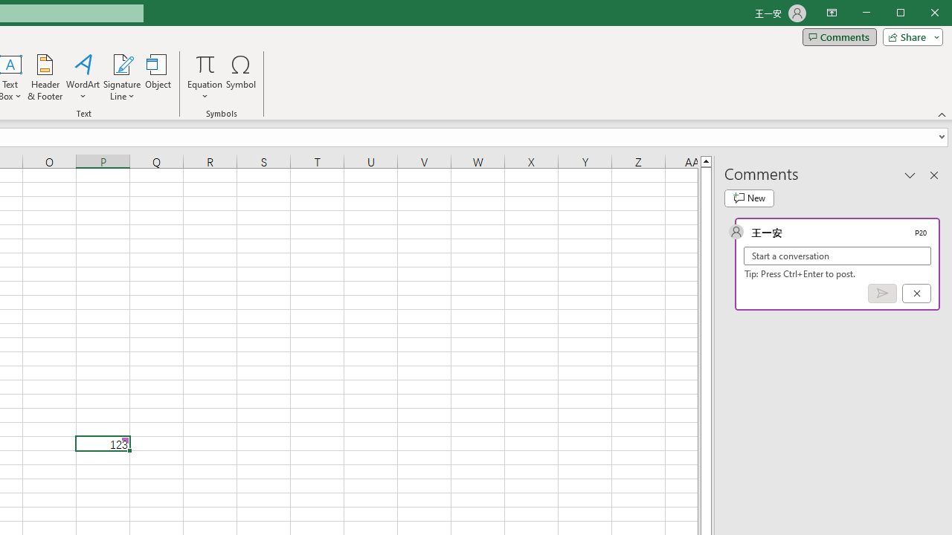 This screenshot has height=535, width=952. What do you see at coordinates (933, 174) in the screenshot?
I see `'Close pane'` at bounding box center [933, 174].